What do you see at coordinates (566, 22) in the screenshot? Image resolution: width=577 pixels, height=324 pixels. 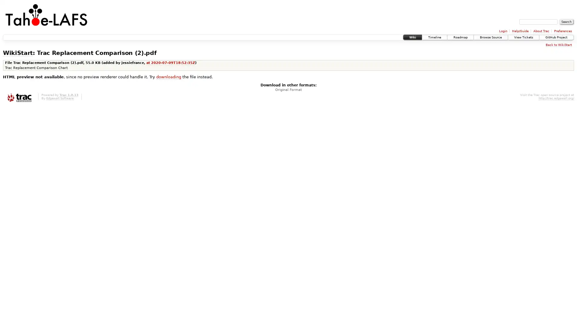 I see `Search` at bounding box center [566, 22].